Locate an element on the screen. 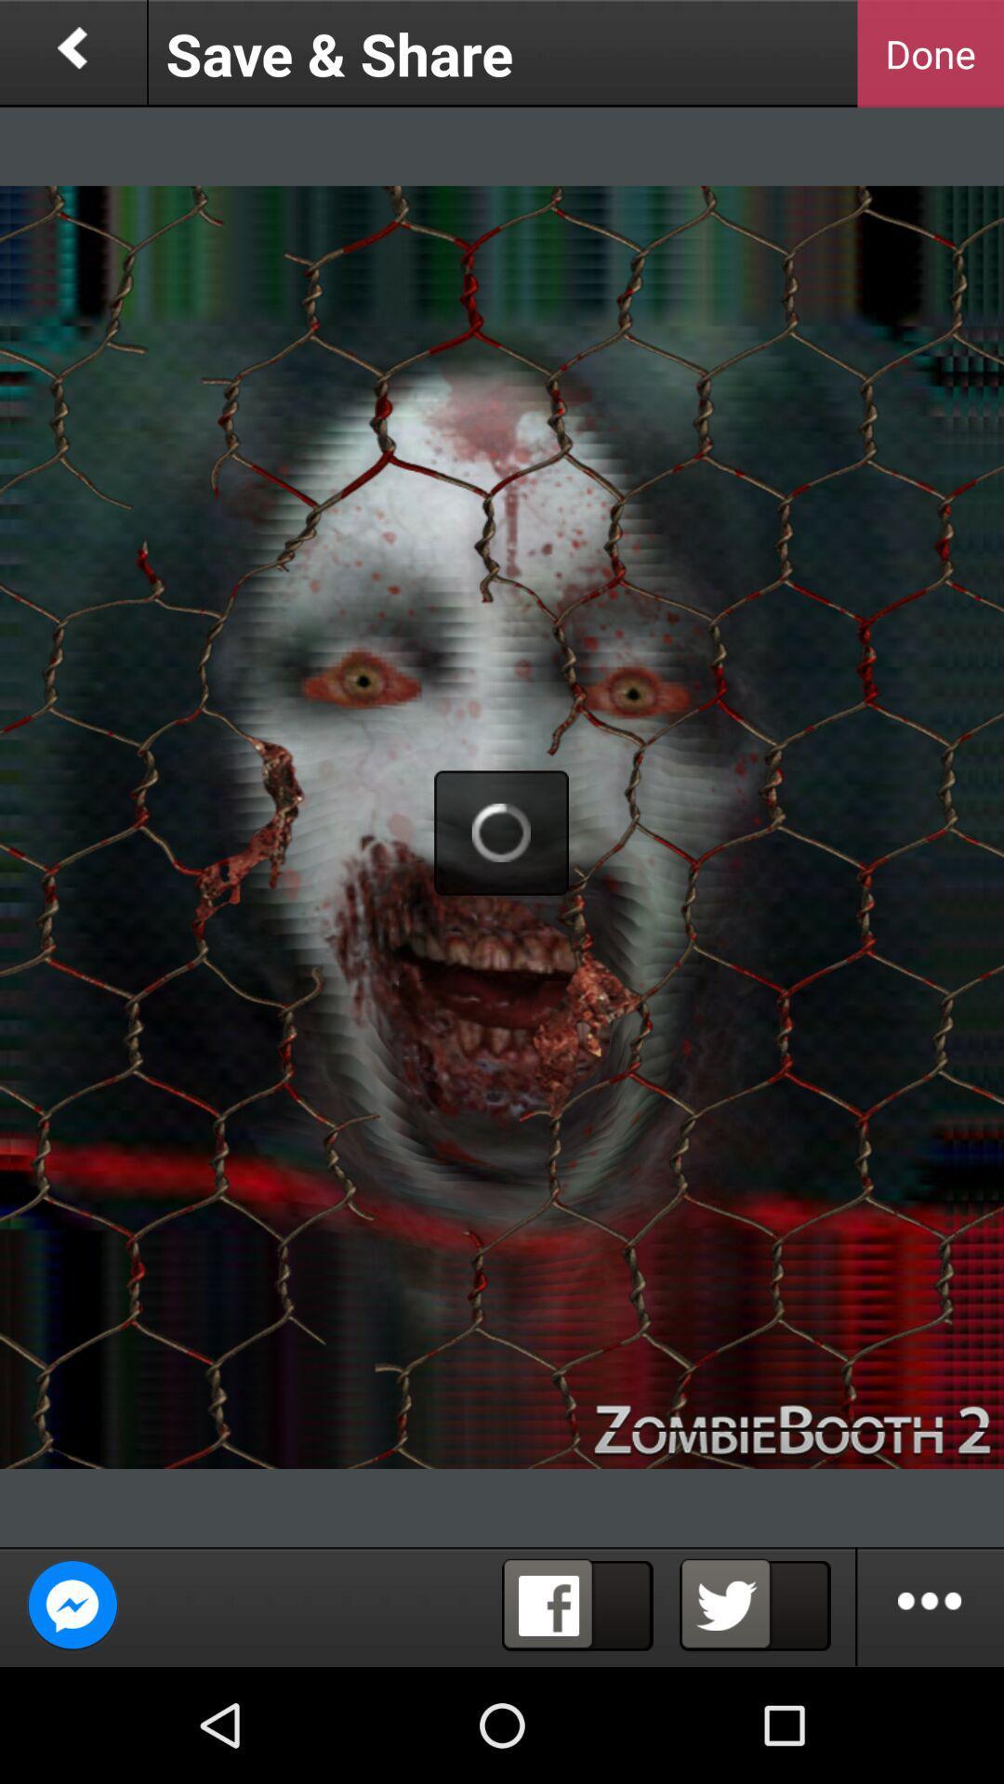 The width and height of the screenshot is (1004, 1784). the twitter icon is located at coordinates (755, 1717).